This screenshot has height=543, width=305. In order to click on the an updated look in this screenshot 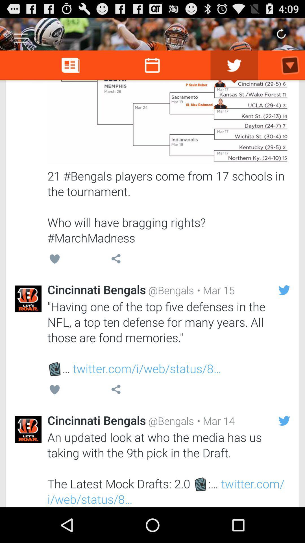, I will do `click(168, 468)`.